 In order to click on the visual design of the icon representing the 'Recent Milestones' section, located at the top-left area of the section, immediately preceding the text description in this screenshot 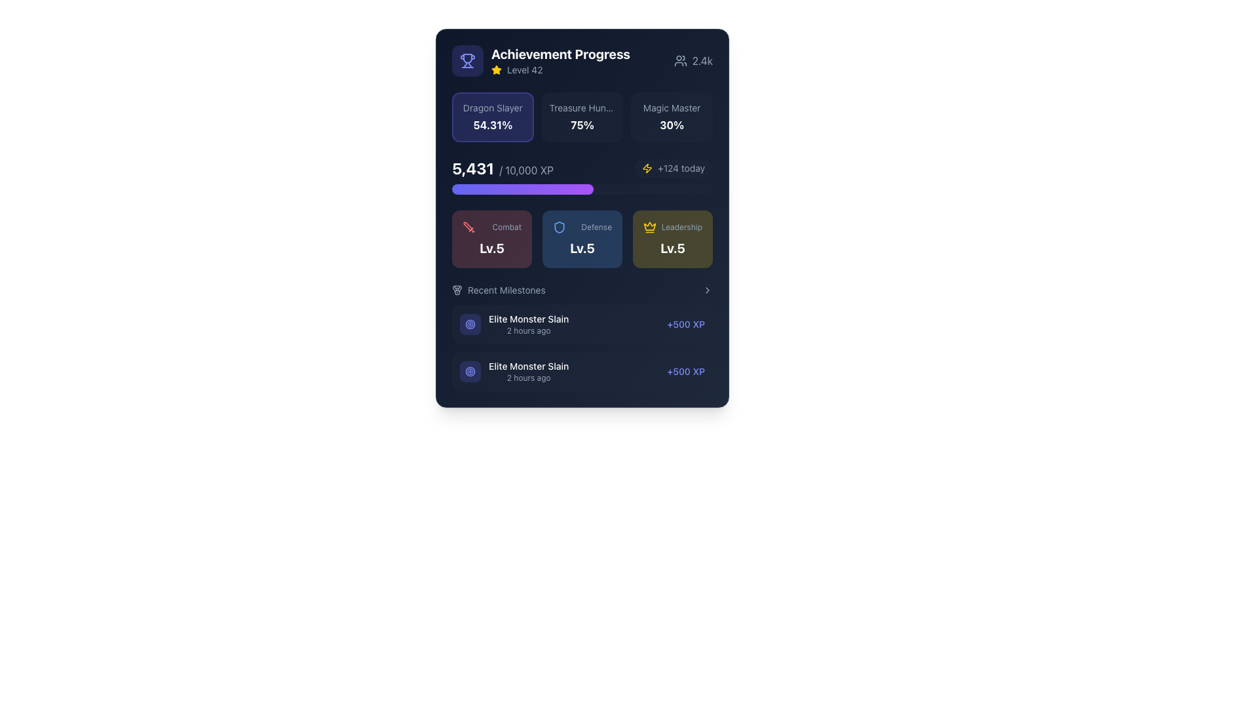, I will do `click(457, 290)`.